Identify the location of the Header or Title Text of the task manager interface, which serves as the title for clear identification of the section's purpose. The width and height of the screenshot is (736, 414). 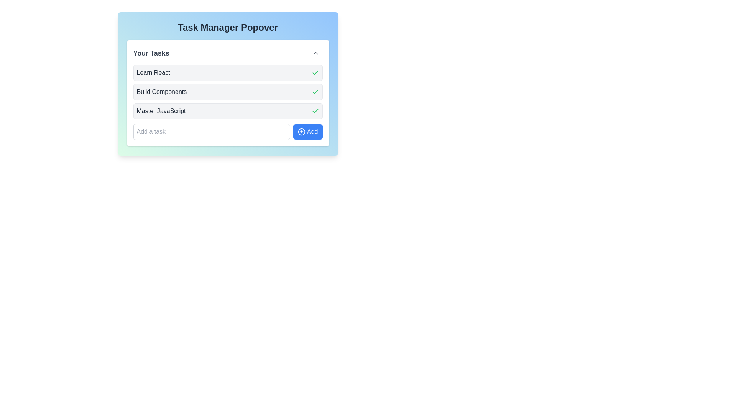
(227, 27).